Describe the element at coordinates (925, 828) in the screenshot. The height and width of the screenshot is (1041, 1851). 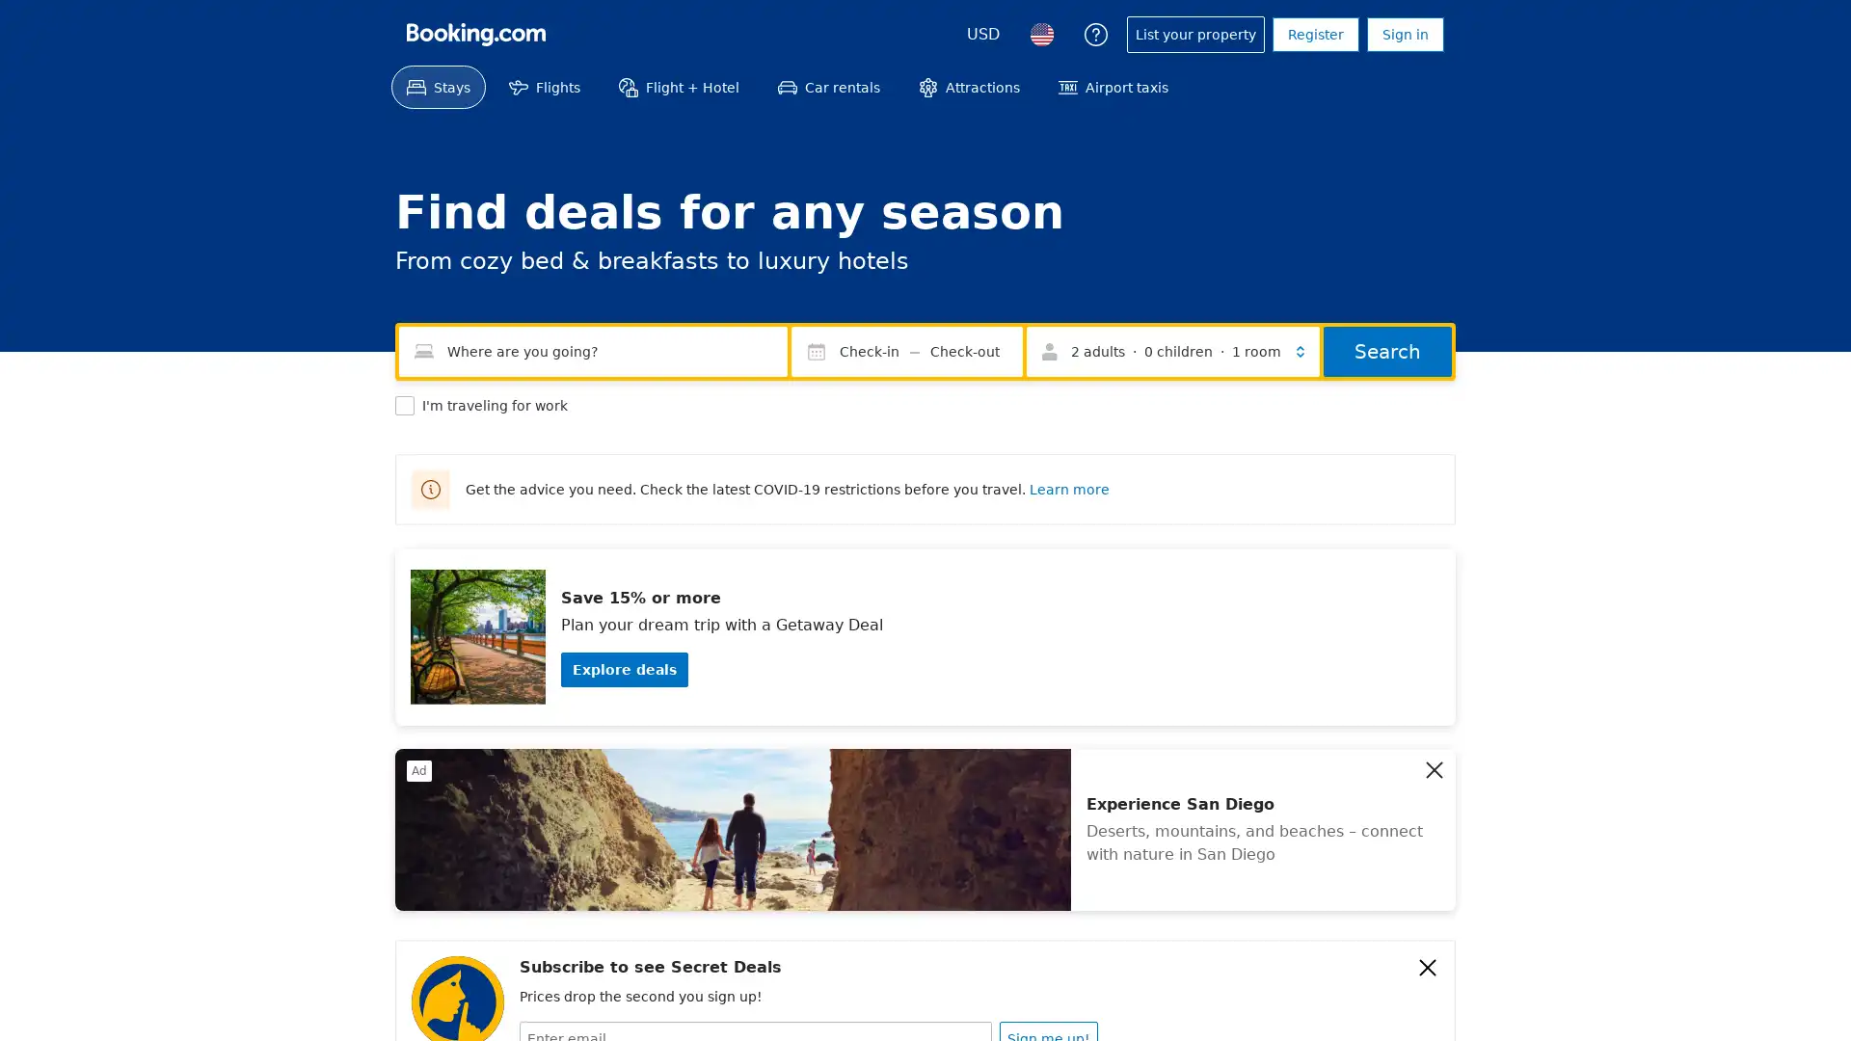
I see `Ad Experience San Diego Deserts, mountains, and beaches  connect with nature in San Diego` at that location.